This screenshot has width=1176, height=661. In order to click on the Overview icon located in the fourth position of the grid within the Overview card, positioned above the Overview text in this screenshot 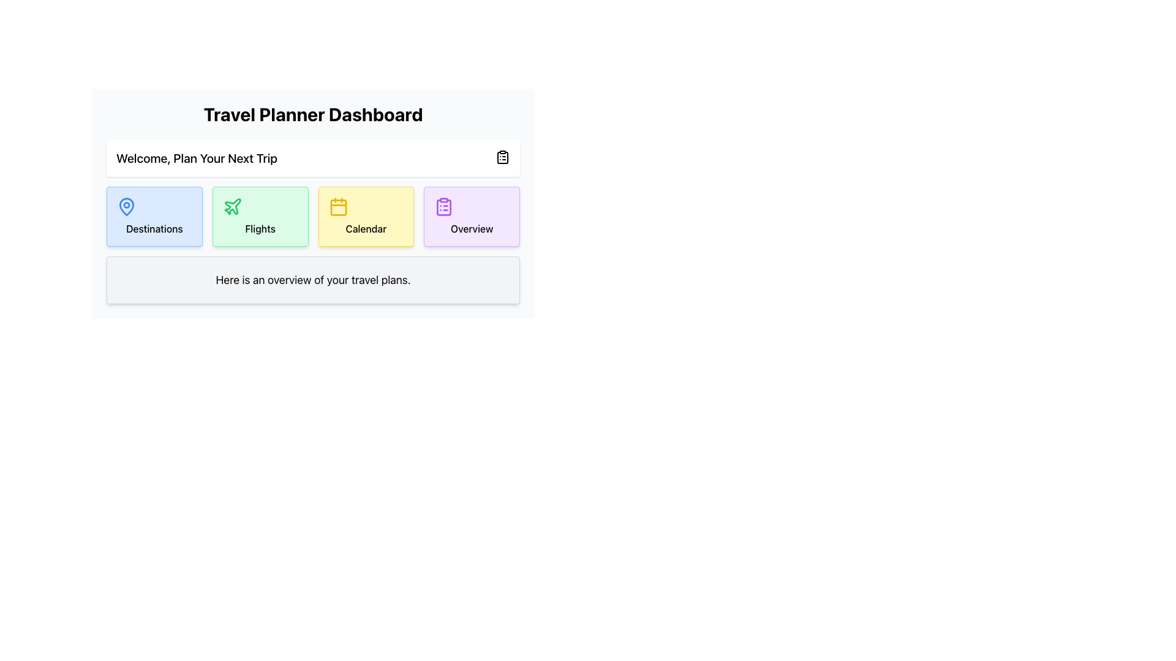, I will do `click(443, 206)`.